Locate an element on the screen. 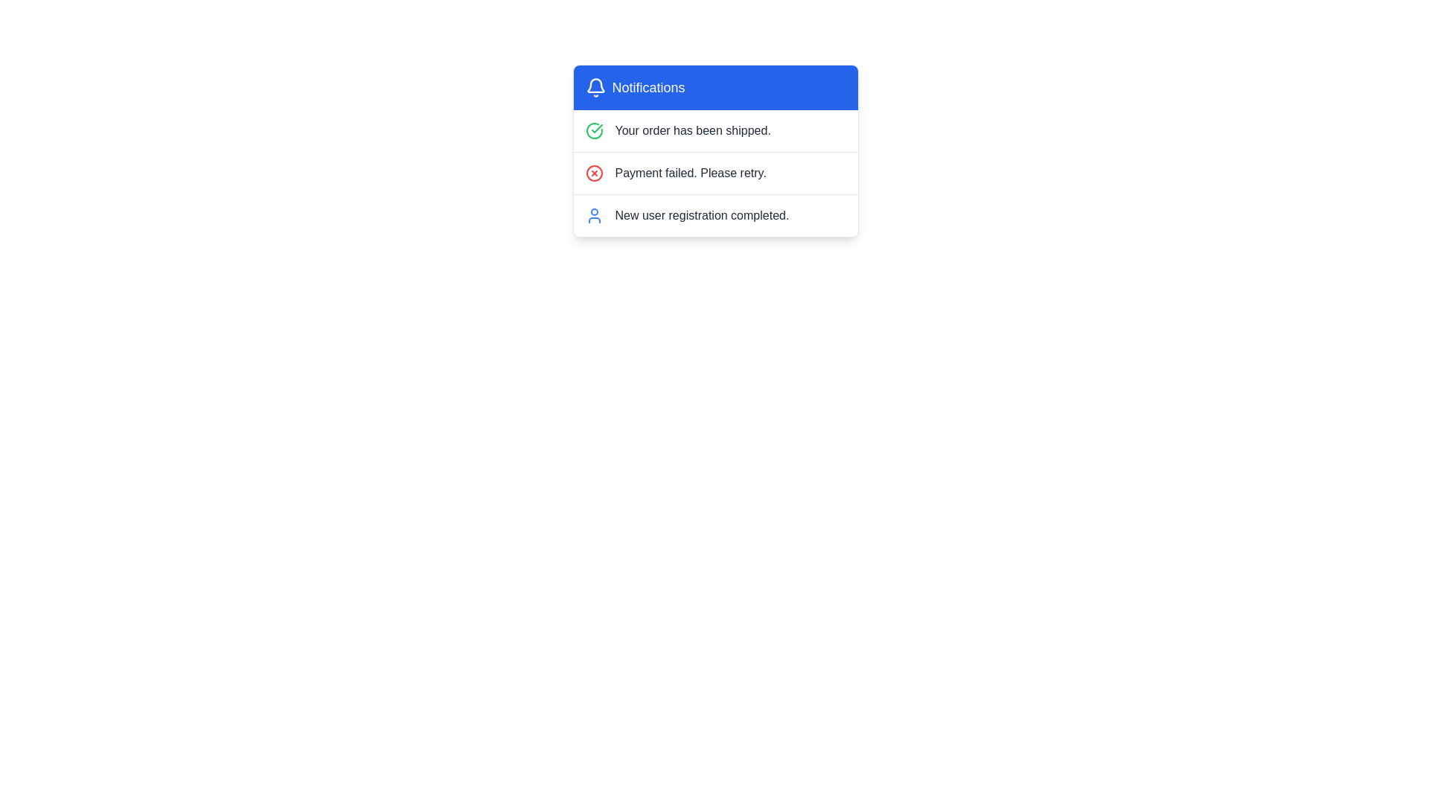  the static text label that serves as the title for the notifications panel, positioned to the right of the bell icon in the blue header bar is located at coordinates (648, 88).